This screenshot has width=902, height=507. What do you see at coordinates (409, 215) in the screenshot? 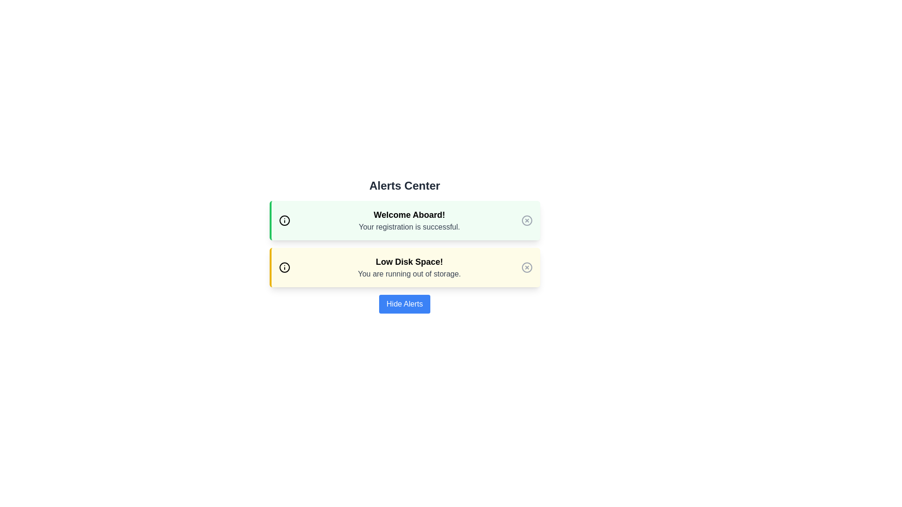
I see `header text within the green alert box that acknowledges user registration success, located under 'Alerts Center'` at bounding box center [409, 215].